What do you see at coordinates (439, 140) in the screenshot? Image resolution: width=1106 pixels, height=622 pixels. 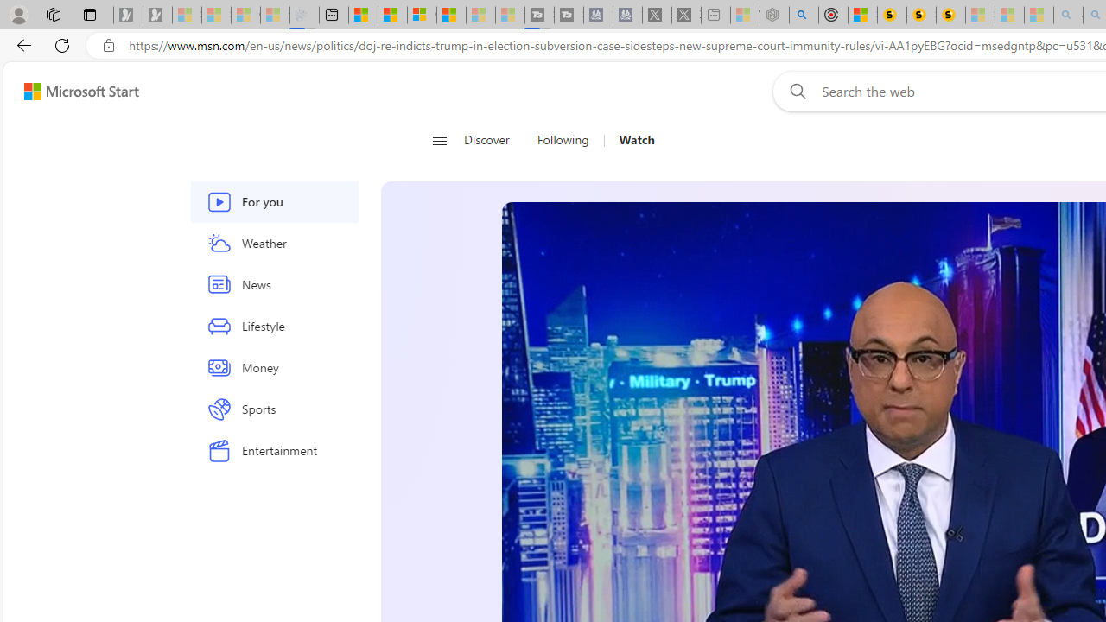 I see `'Open navigation menu'` at bounding box center [439, 140].